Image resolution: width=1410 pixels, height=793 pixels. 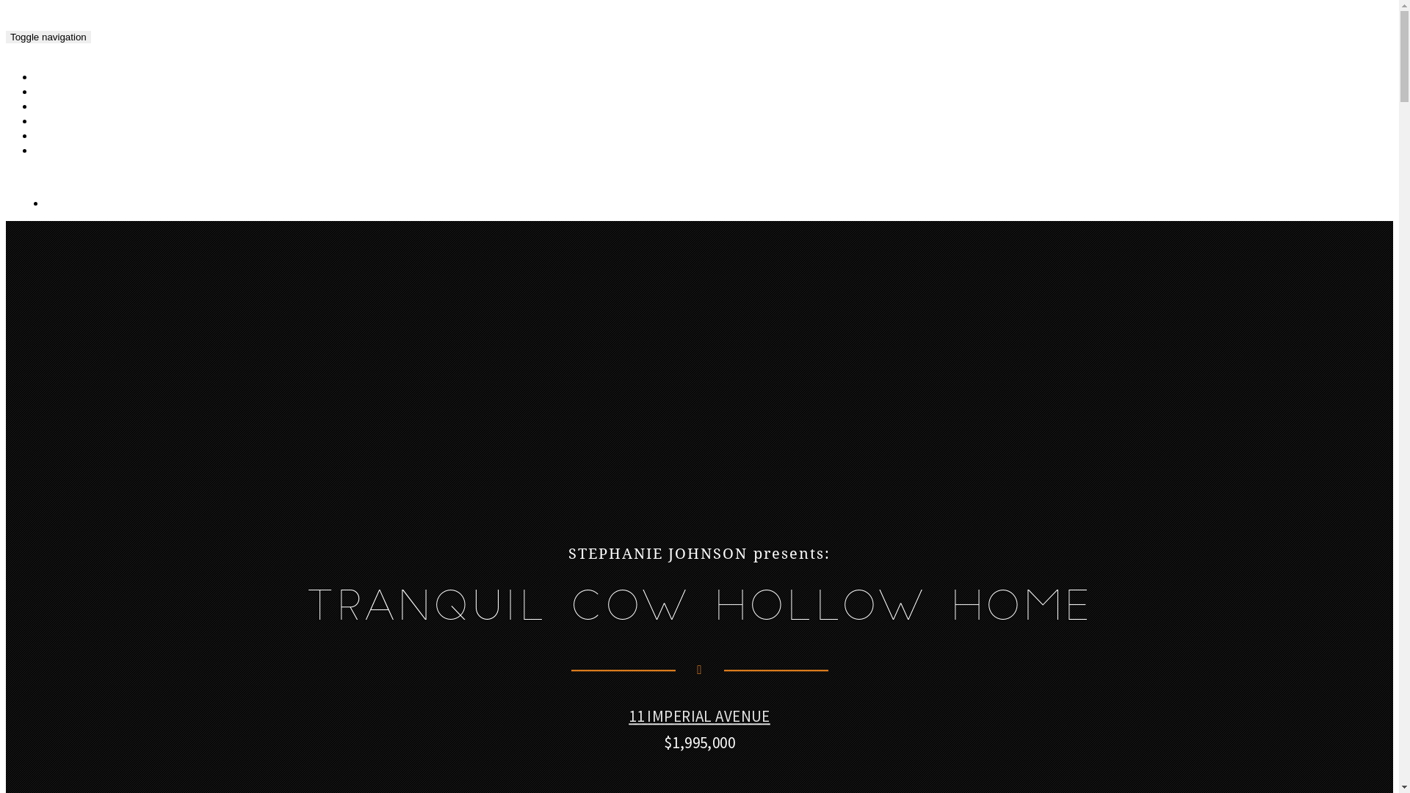 What do you see at coordinates (48, 36) in the screenshot?
I see `'Toggle navigation'` at bounding box center [48, 36].